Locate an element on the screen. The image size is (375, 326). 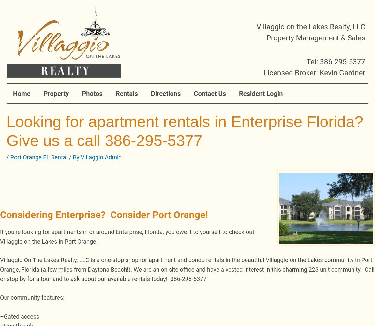
'–Gated access' is located at coordinates (19, 316).